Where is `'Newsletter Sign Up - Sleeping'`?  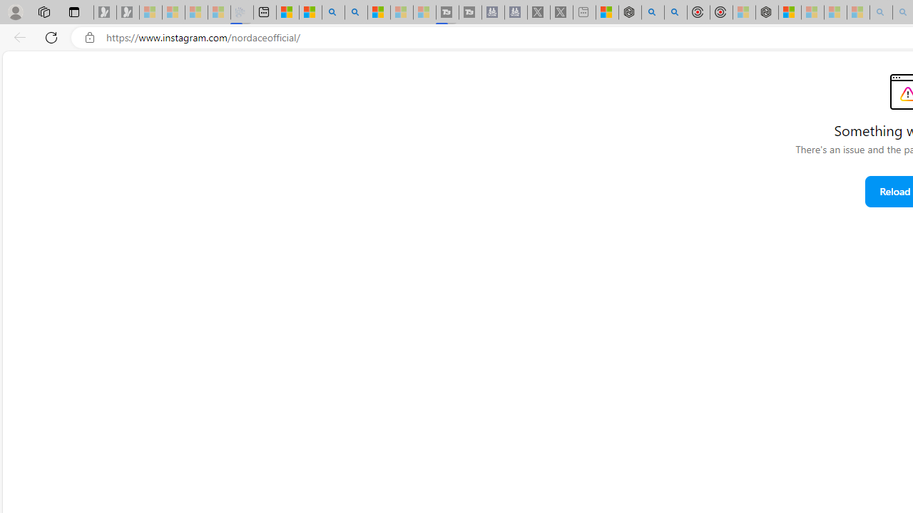
'Newsletter Sign Up - Sleeping' is located at coordinates (128, 12).